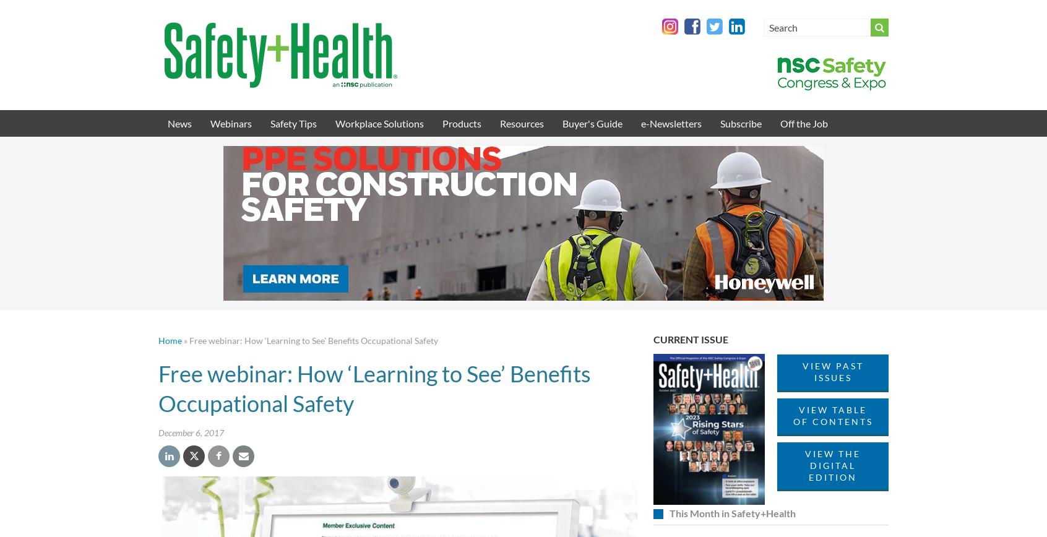 The width and height of the screenshot is (1047, 537). What do you see at coordinates (190, 432) in the screenshot?
I see `'December 6, 2017'` at bounding box center [190, 432].